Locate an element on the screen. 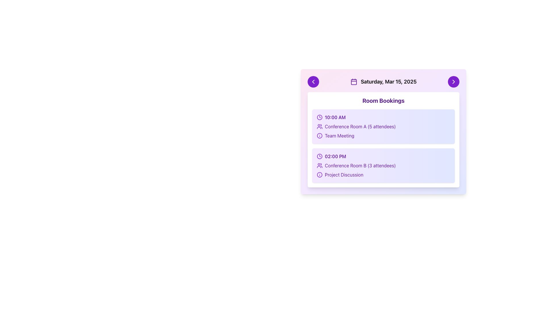  the text label that indicates the name and attendee count of a meeting room, located below the time stamp icon in the Room Bookings section is located at coordinates (360, 126).